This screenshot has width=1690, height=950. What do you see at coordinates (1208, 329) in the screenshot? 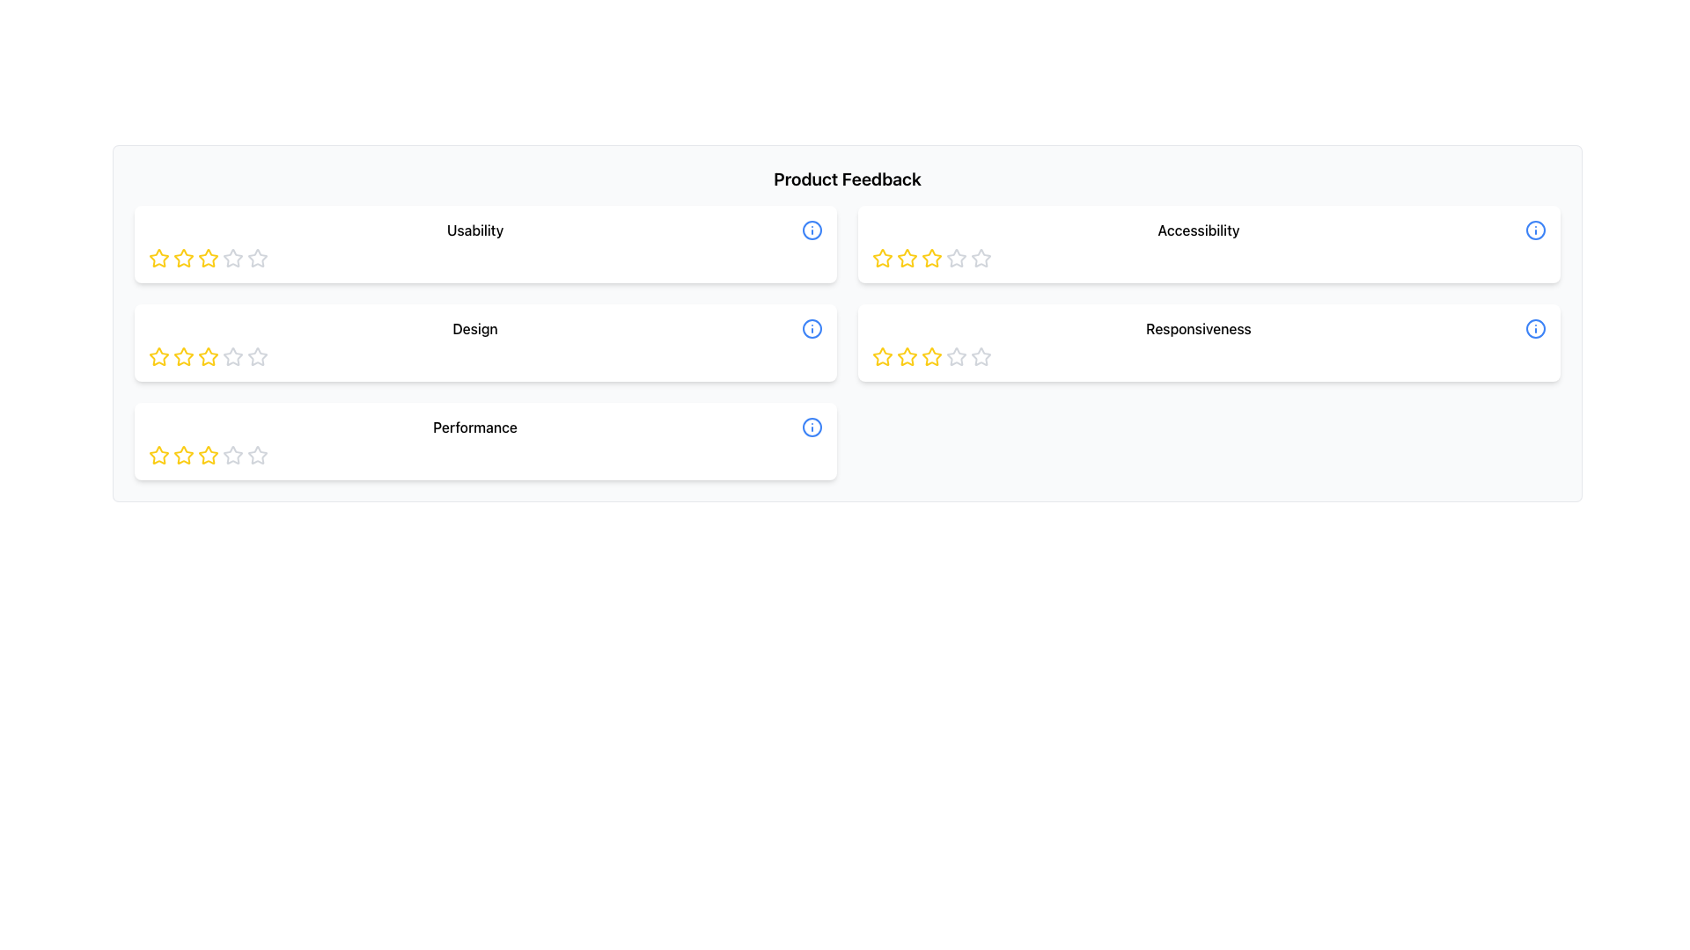
I see `the 'Responsiveness' text label in the product feedback review section, which is bold and black in color` at bounding box center [1208, 329].